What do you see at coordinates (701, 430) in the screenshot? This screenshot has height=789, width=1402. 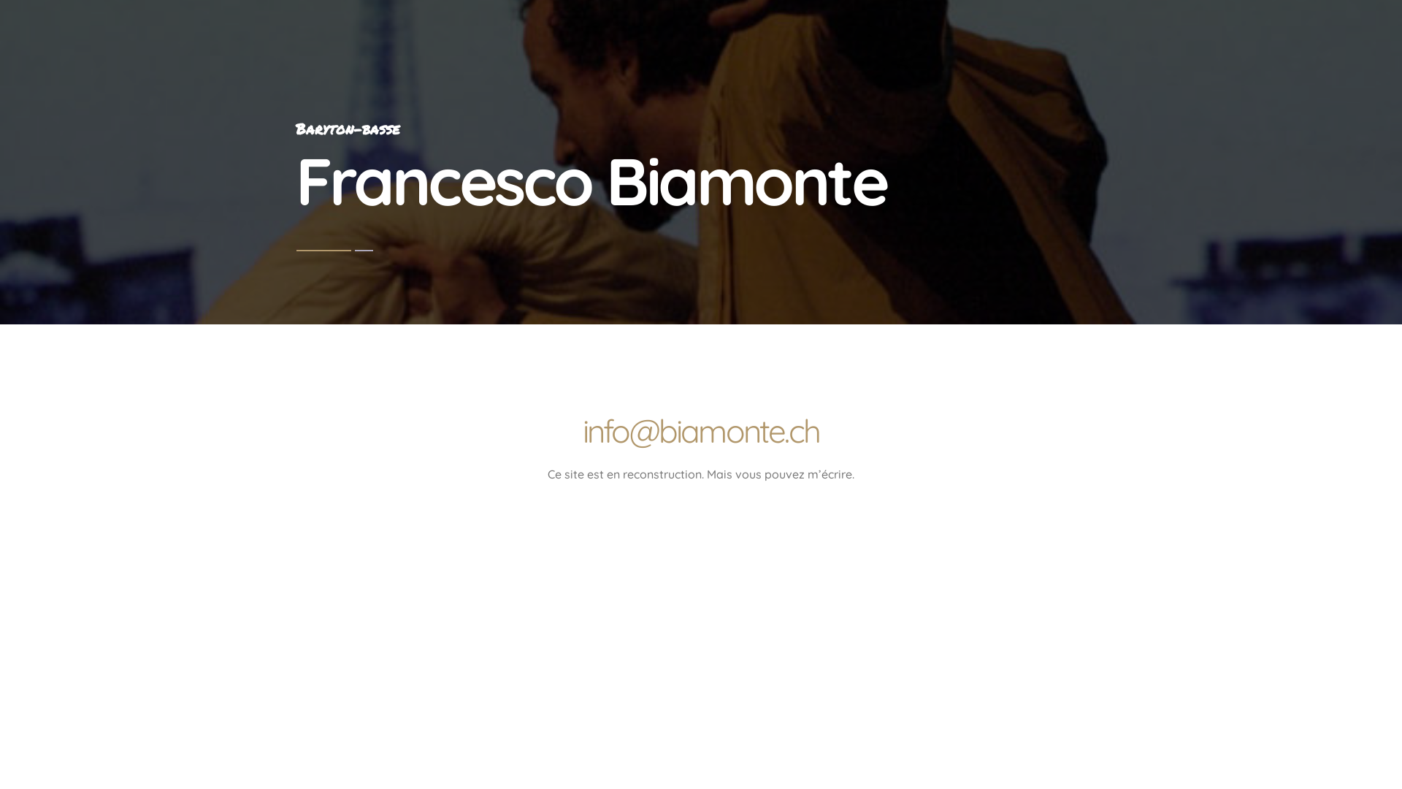 I see `'info@biamonte.ch'` at bounding box center [701, 430].